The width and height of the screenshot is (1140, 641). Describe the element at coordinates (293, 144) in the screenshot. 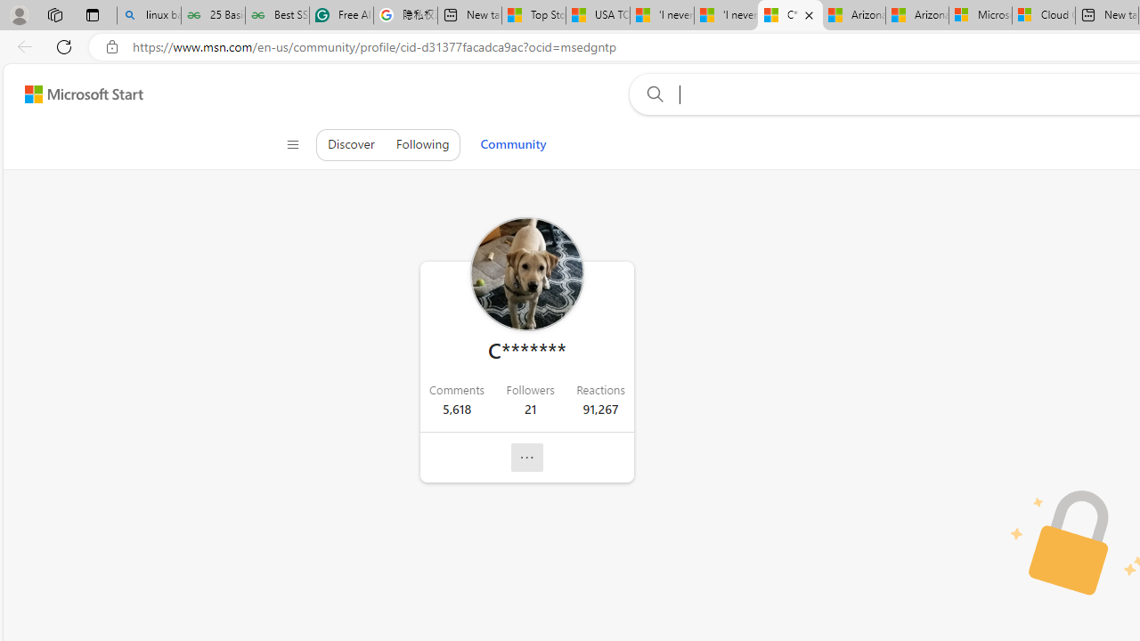

I see `'Class: control icon-only'` at that location.